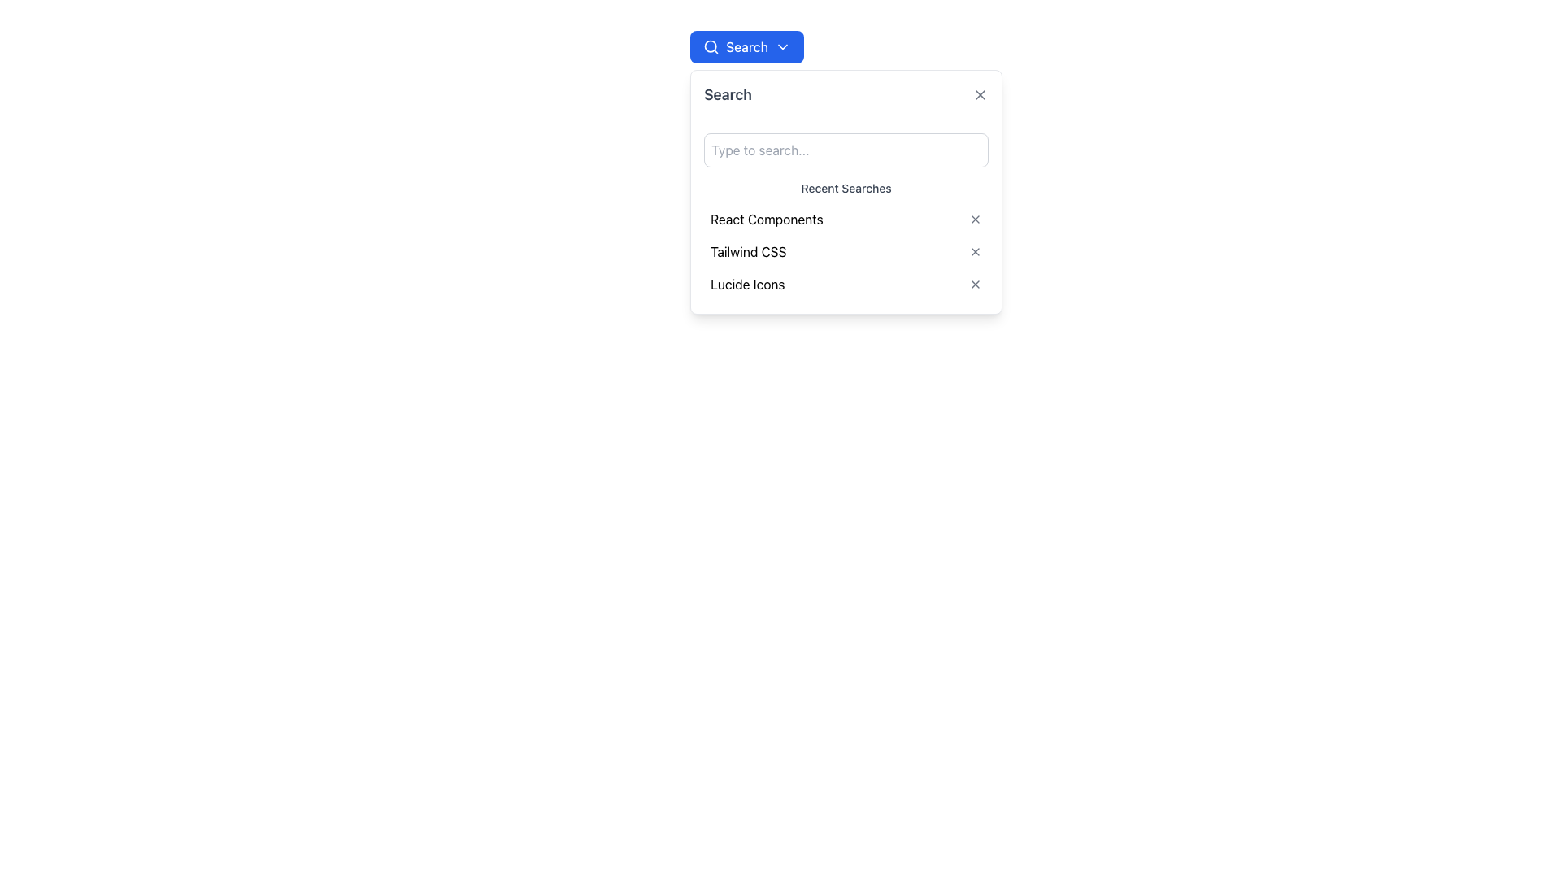 Image resolution: width=1561 pixels, height=878 pixels. I want to click on the 'Lucide Icons' text label in the search dropdown to reinitiate the search, so click(746, 284).